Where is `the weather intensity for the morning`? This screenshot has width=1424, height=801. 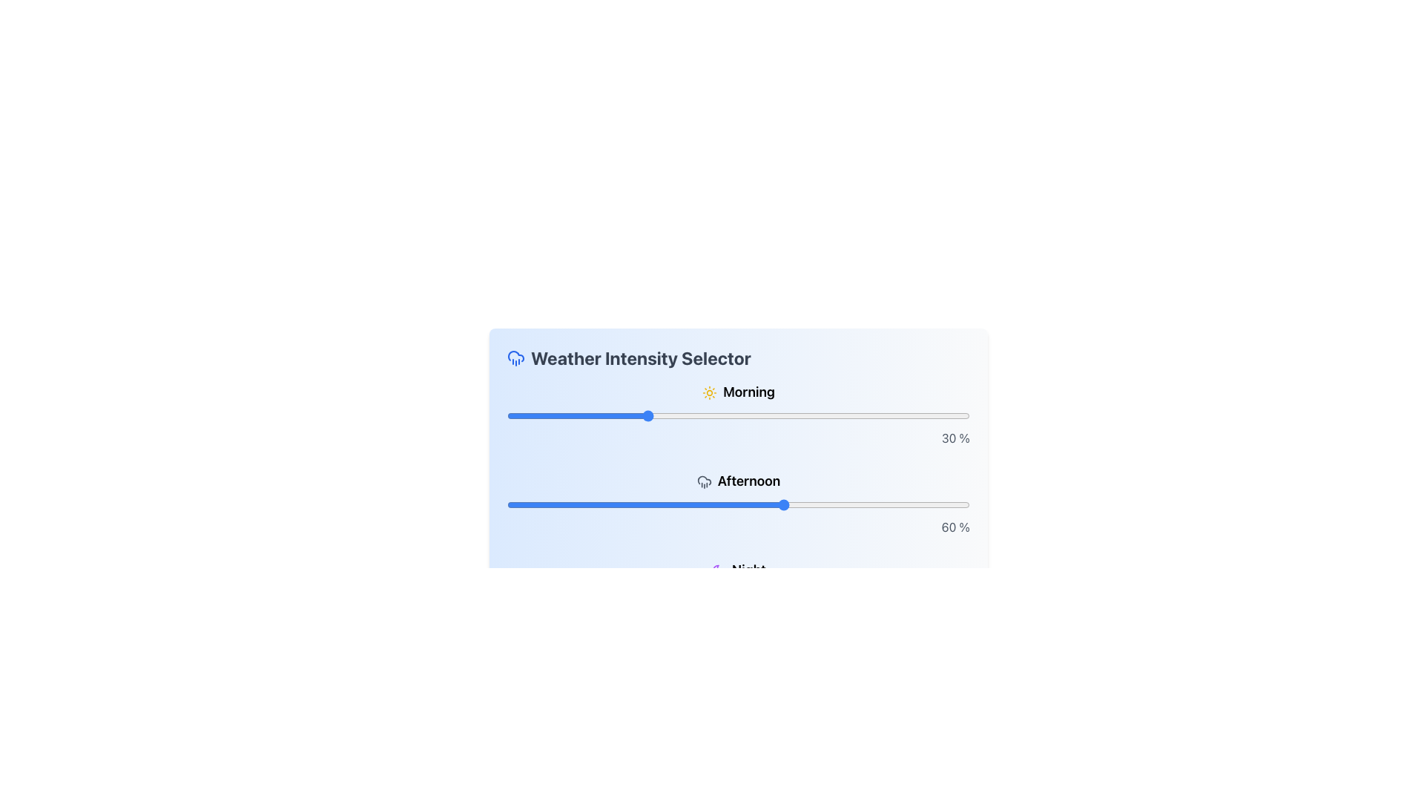 the weather intensity for the morning is located at coordinates (538, 415).